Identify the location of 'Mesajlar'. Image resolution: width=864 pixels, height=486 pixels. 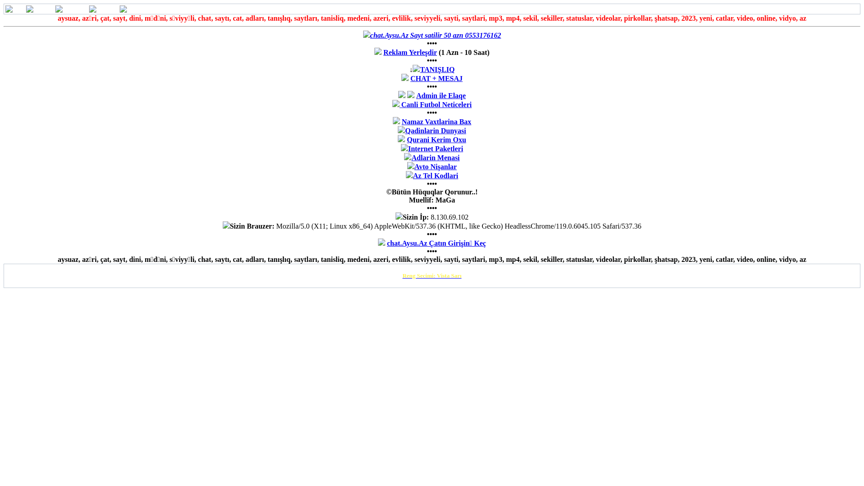
(39, 9).